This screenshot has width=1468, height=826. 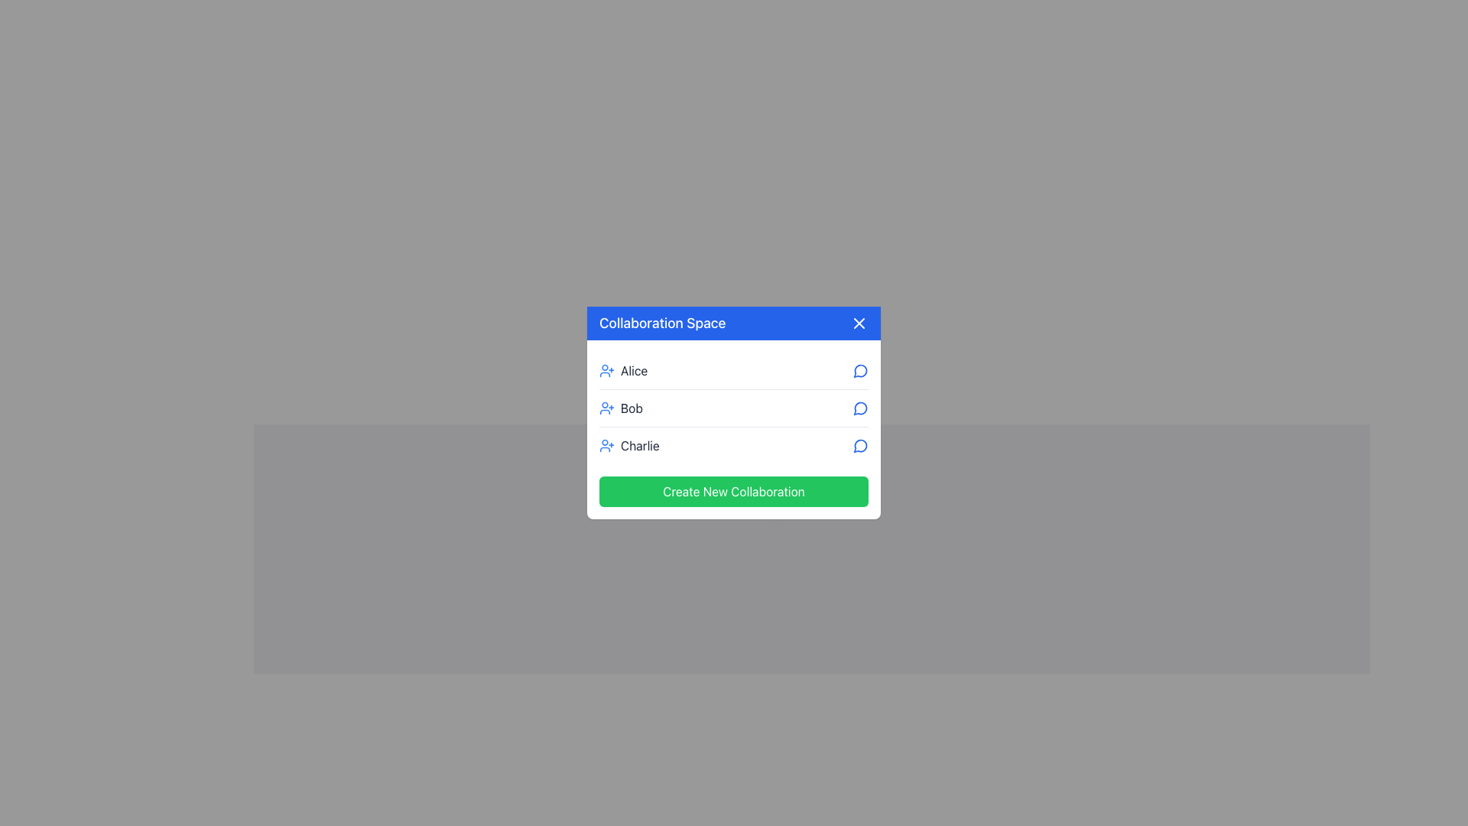 I want to click on the label identifying the user 'Bob' located in the center of the dialog box, specifically in the second row of a list, so click(x=632, y=407).